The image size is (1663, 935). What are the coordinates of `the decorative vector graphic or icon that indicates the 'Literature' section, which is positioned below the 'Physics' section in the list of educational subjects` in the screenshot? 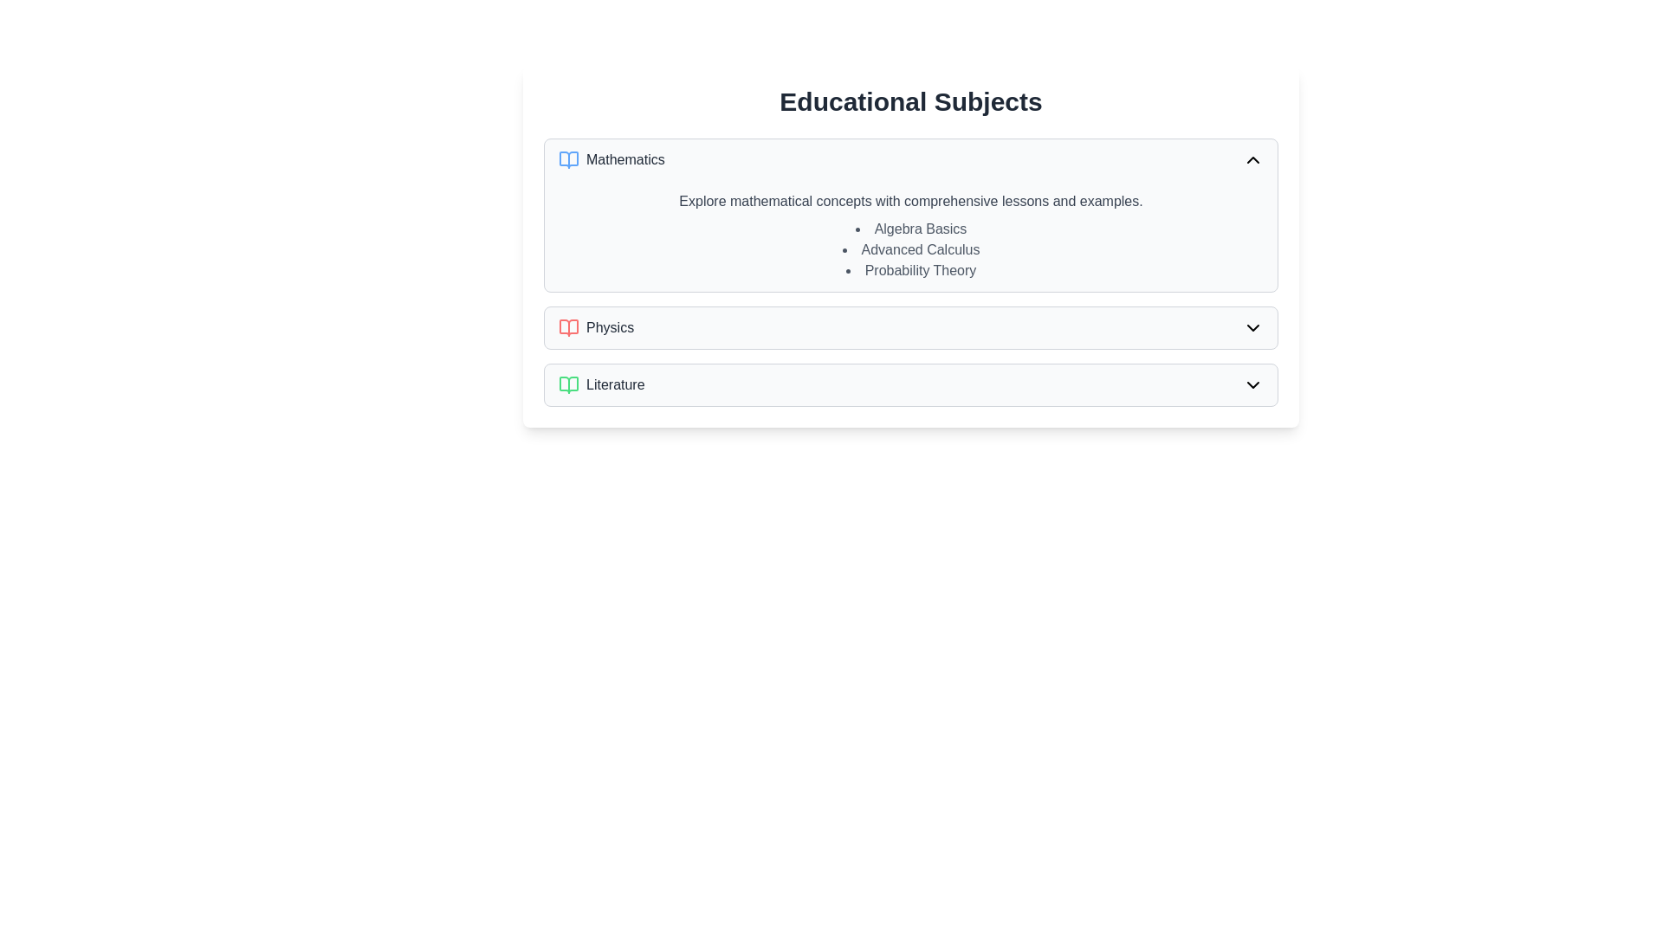 It's located at (569, 384).